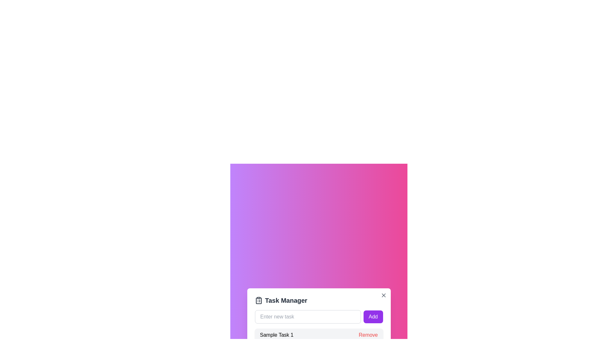  What do you see at coordinates (276, 334) in the screenshot?
I see `the task item label located at the bottom center of the interface to focus on it` at bounding box center [276, 334].